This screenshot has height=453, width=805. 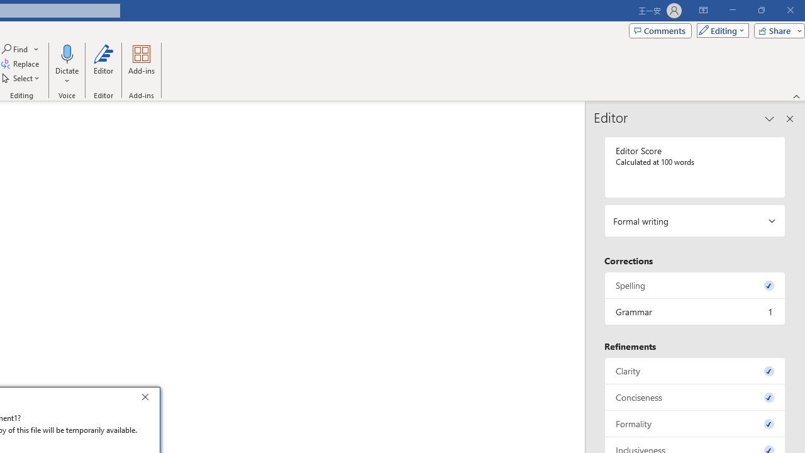 I want to click on 'Conciseness, 0 issues. Press space or enter to review items.', so click(x=694, y=397).